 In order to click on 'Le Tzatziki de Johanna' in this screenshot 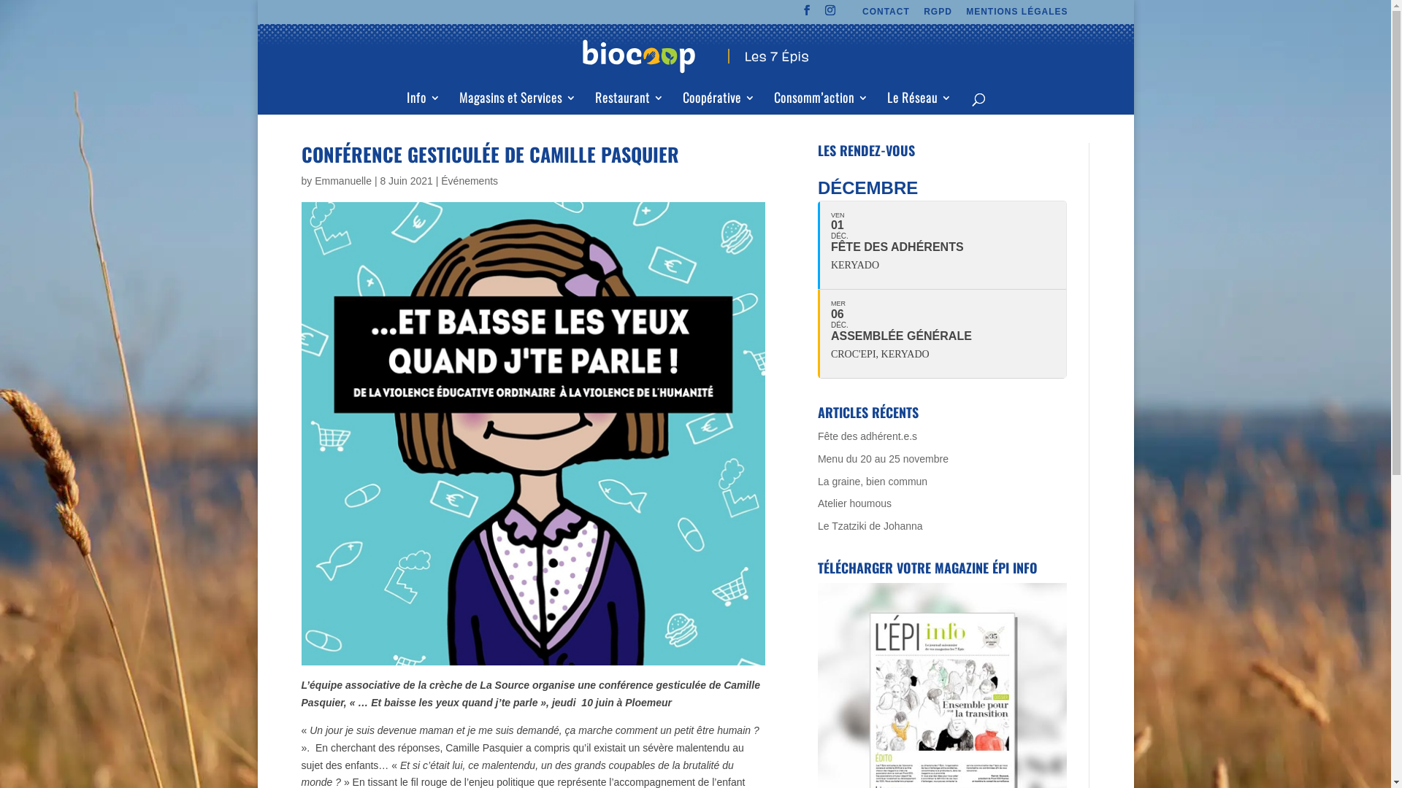, I will do `click(870, 526)`.